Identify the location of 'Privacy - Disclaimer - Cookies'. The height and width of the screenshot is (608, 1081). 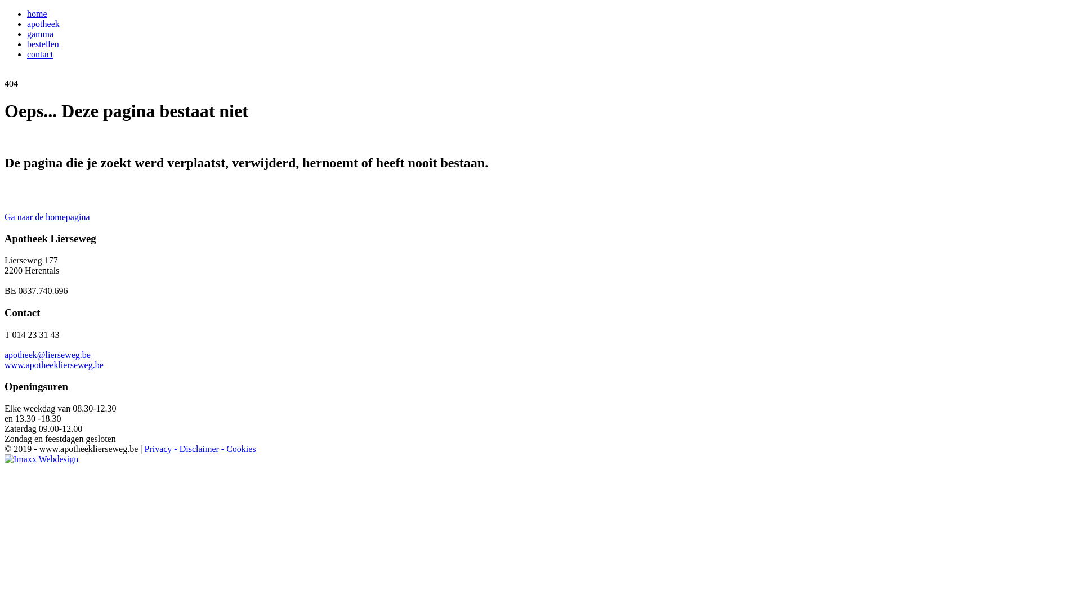
(200, 448).